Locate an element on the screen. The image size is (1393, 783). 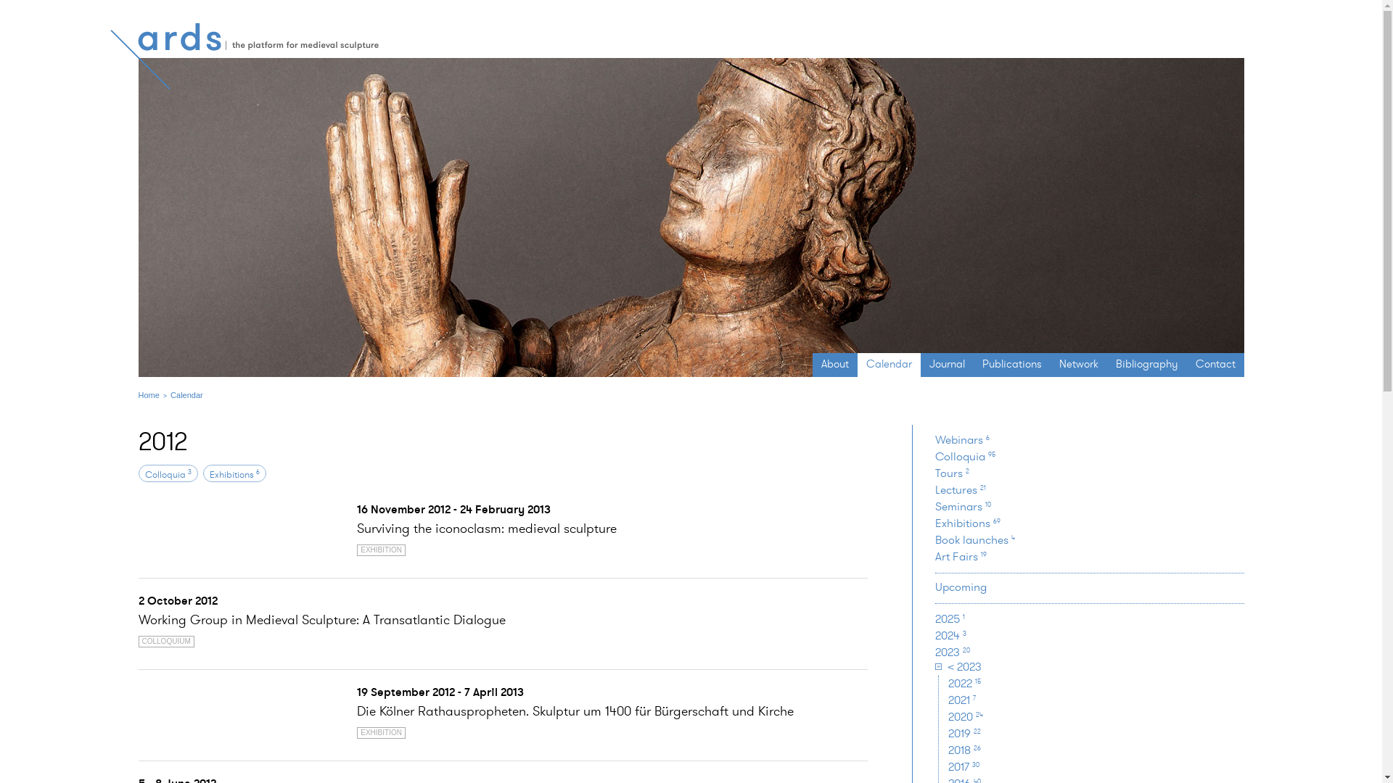
'Bibliography' is located at coordinates (1106, 362).